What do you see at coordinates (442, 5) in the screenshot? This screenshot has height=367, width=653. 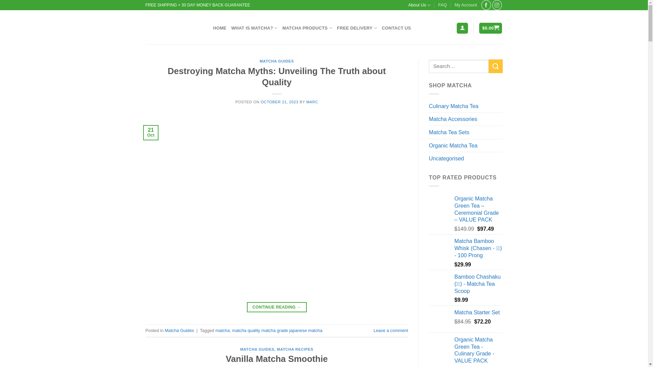 I see `'FAQ'` at bounding box center [442, 5].